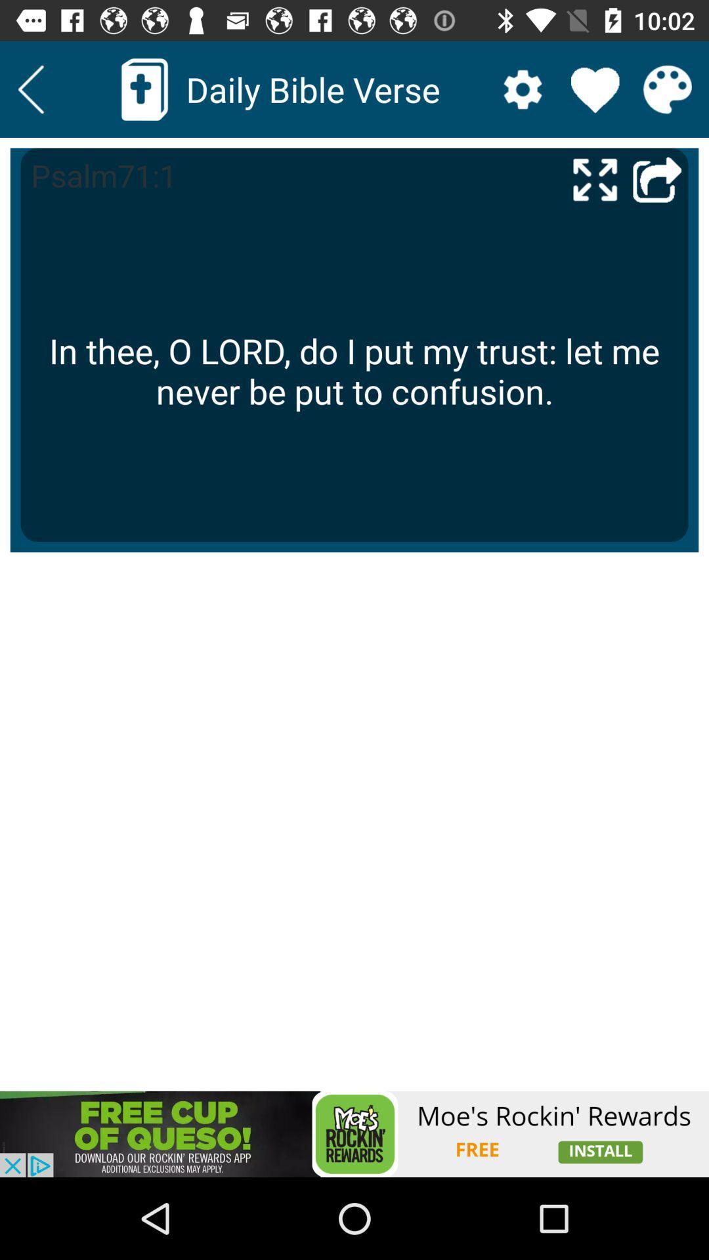 The width and height of the screenshot is (709, 1260). I want to click on the emoji icon, so click(668, 89).